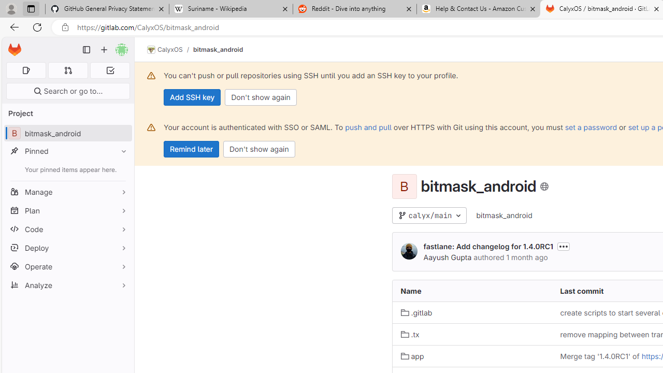  Describe the element at coordinates (12, 45) in the screenshot. I see `'Skip to main content'` at that location.